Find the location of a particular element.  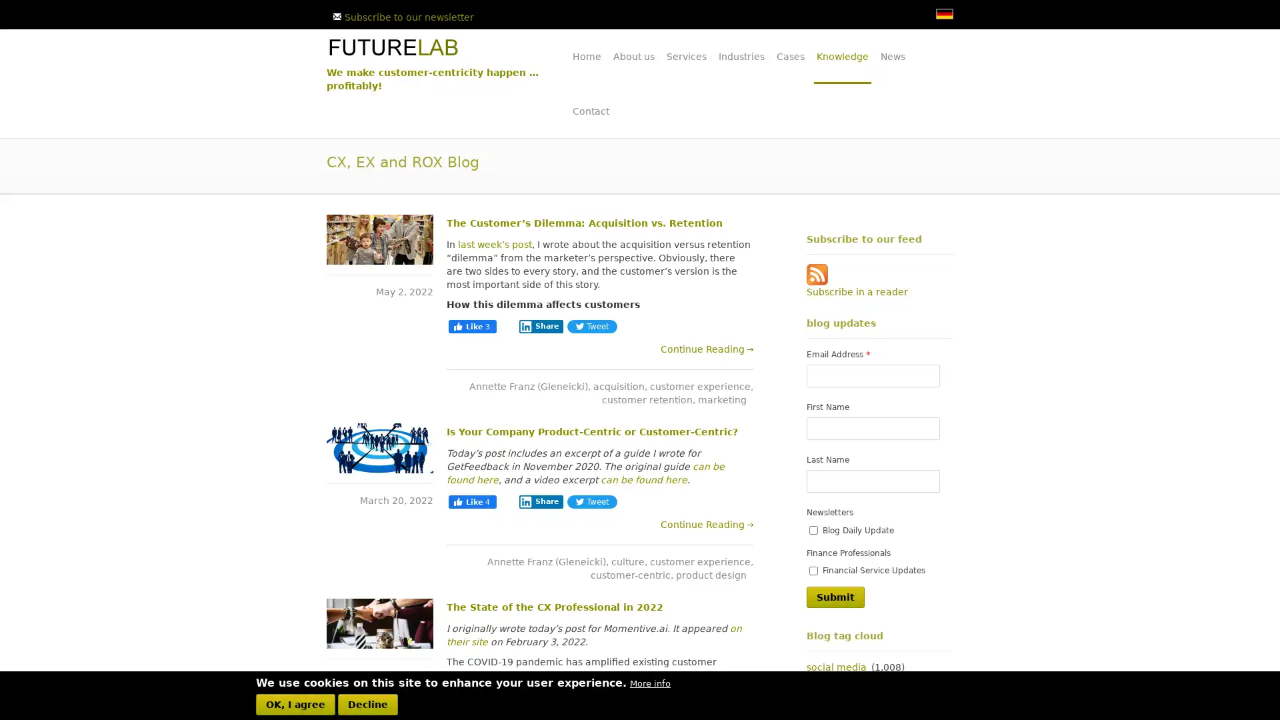

Decline is located at coordinates (368, 703).